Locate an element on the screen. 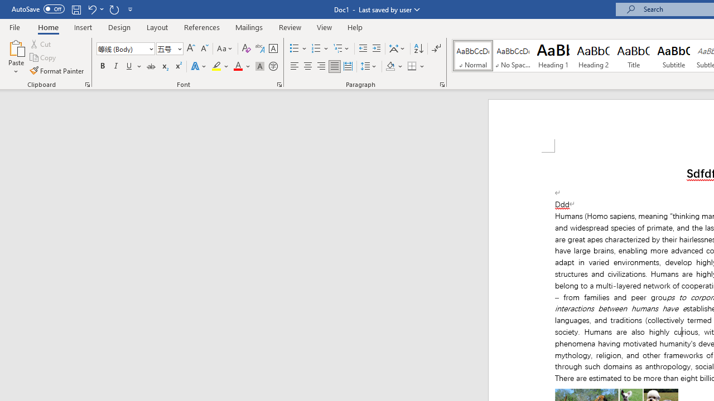 Image resolution: width=714 pixels, height=401 pixels. 'Sort...' is located at coordinates (418, 48).